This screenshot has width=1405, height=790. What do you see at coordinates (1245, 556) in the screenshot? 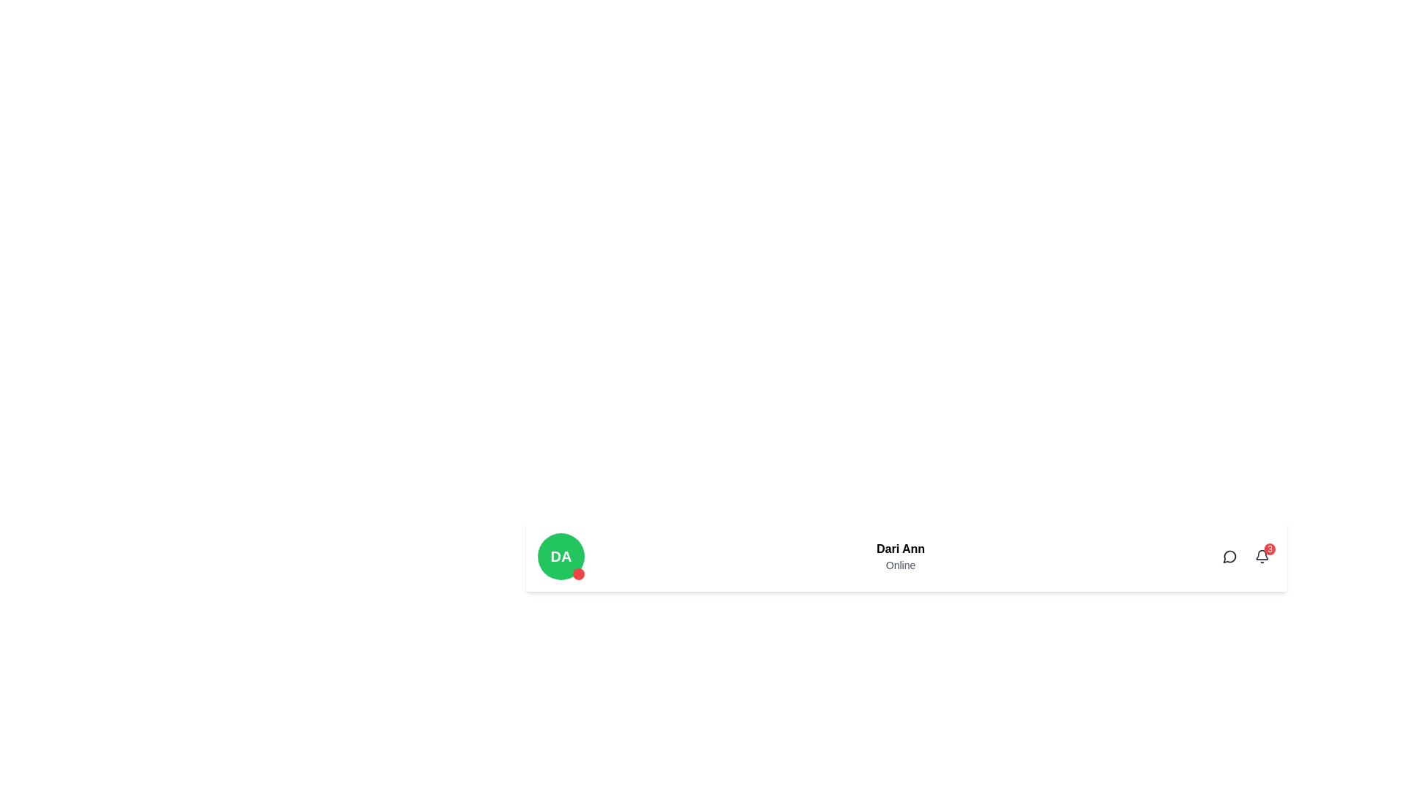
I see `the notification badge displaying the number '3' with a red circular background, located at the top-right corner of the bell icon on the right side of the content card` at bounding box center [1245, 556].